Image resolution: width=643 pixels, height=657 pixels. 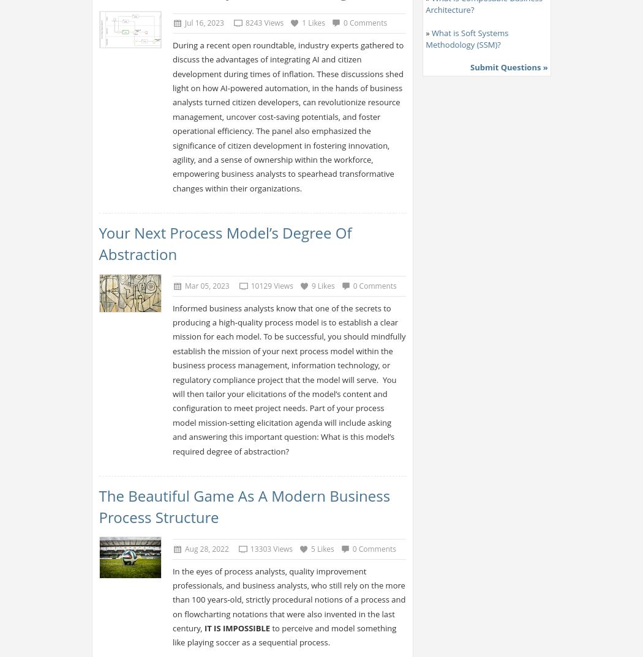 I want to click on '13303 Views', so click(x=250, y=548).